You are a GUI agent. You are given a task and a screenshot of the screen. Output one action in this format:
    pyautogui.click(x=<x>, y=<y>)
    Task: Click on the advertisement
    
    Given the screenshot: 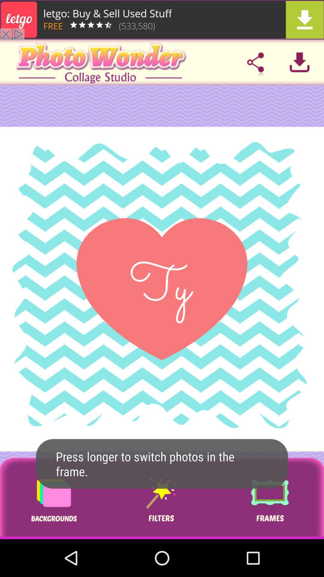 What is the action you would take?
    pyautogui.click(x=53, y=498)
    